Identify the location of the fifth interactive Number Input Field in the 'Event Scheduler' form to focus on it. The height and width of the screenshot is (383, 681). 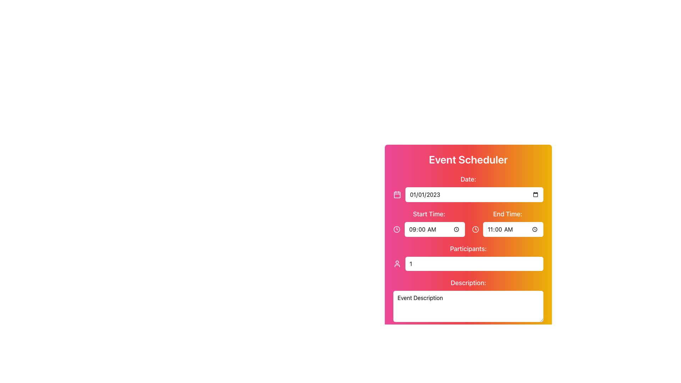
(468, 262).